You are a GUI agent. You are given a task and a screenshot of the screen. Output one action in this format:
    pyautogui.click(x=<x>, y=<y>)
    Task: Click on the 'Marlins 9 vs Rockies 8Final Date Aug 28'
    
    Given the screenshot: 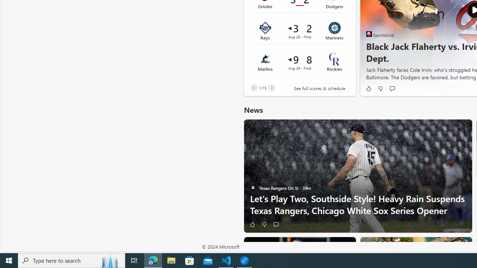 What is the action you would take?
    pyautogui.click(x=300, y=62)
    